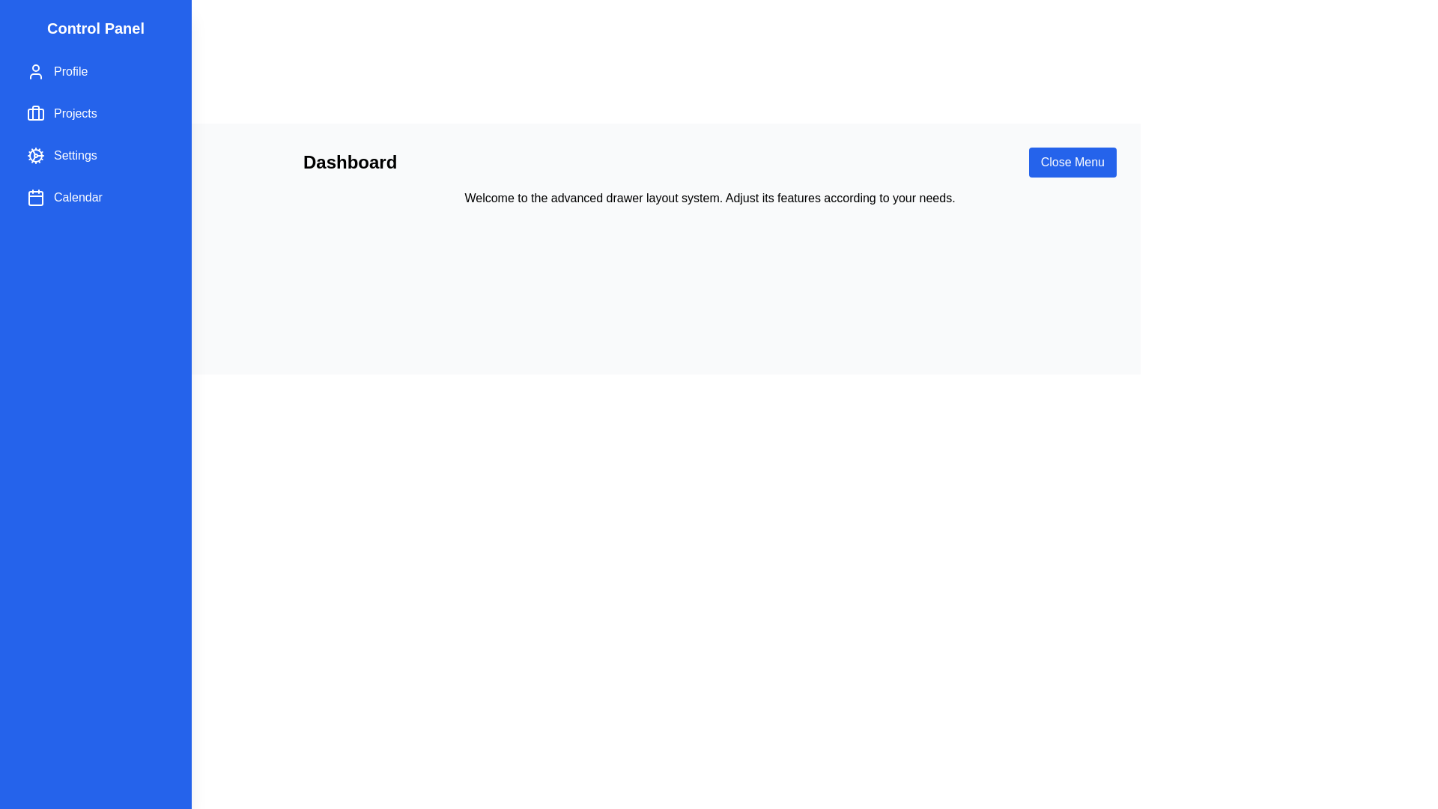 This screenshot has width=1438, height=809. Describe the element at coordinates (36, 198) in the screenshot. I see `the calendar date field represented as a blue rounded rectangle within the SVG icon located fourth in the vertical list of navigation icons on the blue sidebar` at that location.